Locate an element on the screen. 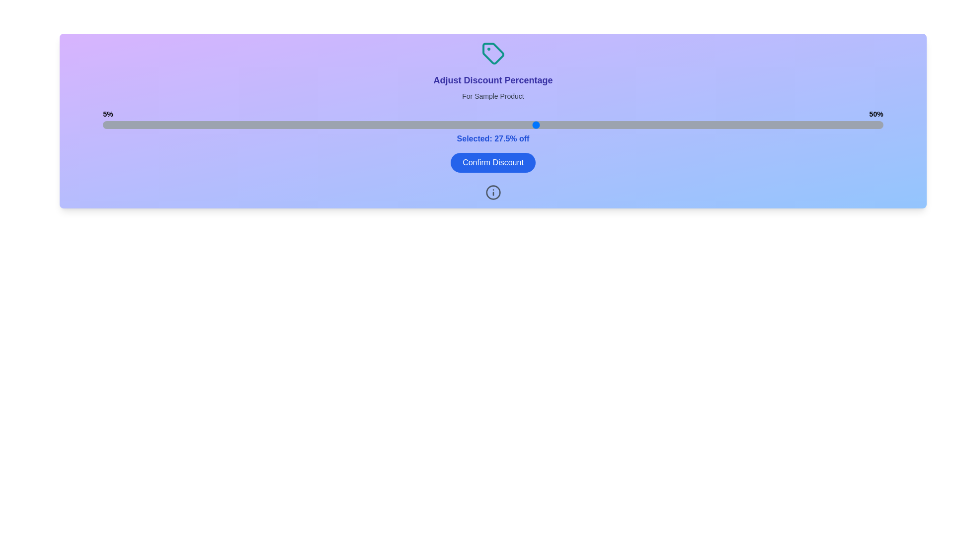 The height and width of the screenshot is (536, 954). the static text label indicating the purpose of the interface for adjusting the discount percentage, which is located centrally below the teal tag icon and above the description text 'For Sample Product' is located at coordinates (493, 80).